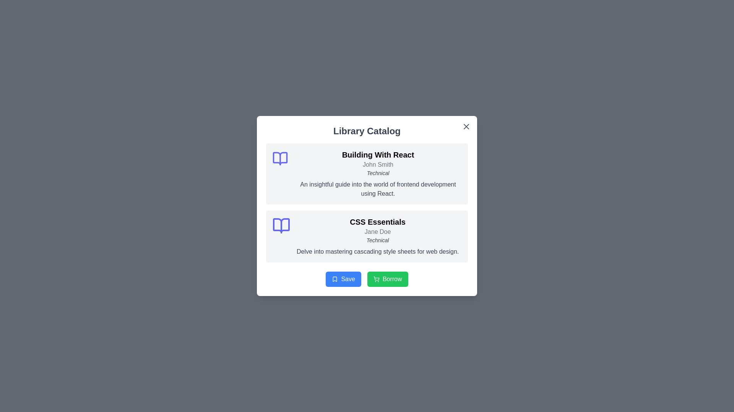 The width and height of the screenshot is (734, 412). Describe the element at coordinates (466, 126) in the screenshot. I see `the line segment of the 'X' close button located in the top right corner of the popup interface` at that location.